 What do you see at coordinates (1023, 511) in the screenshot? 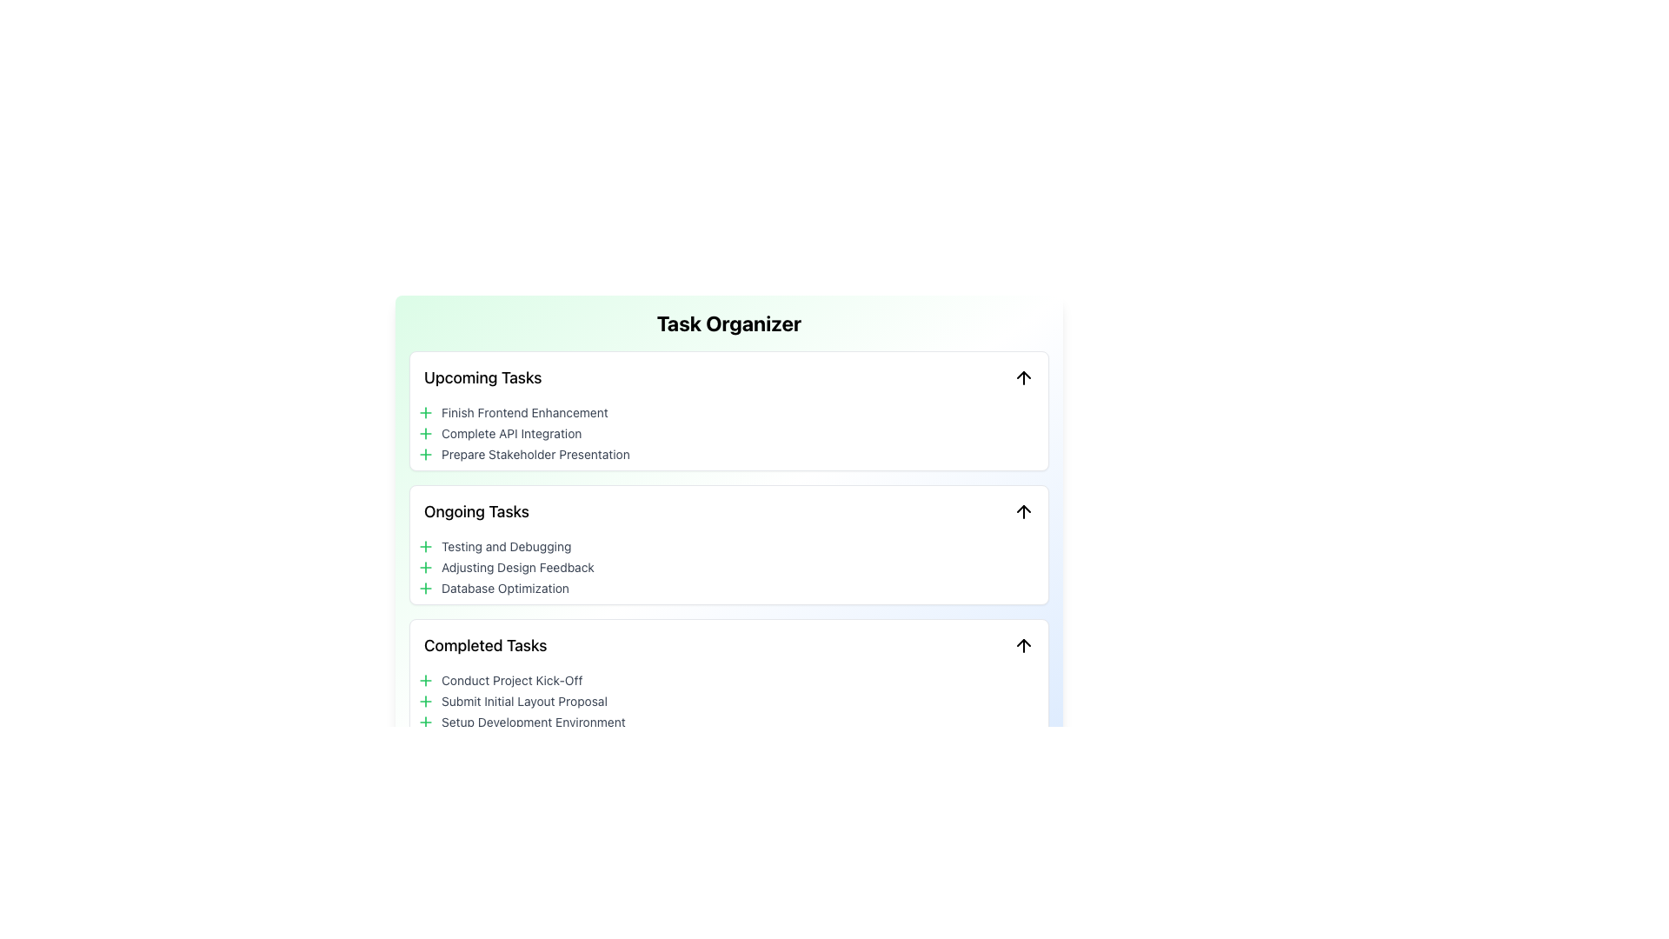
I see `the upward arrow icon button for collapsing or expanding the 'Ongoing Tasks' section` at bounding box center [1023, 511].